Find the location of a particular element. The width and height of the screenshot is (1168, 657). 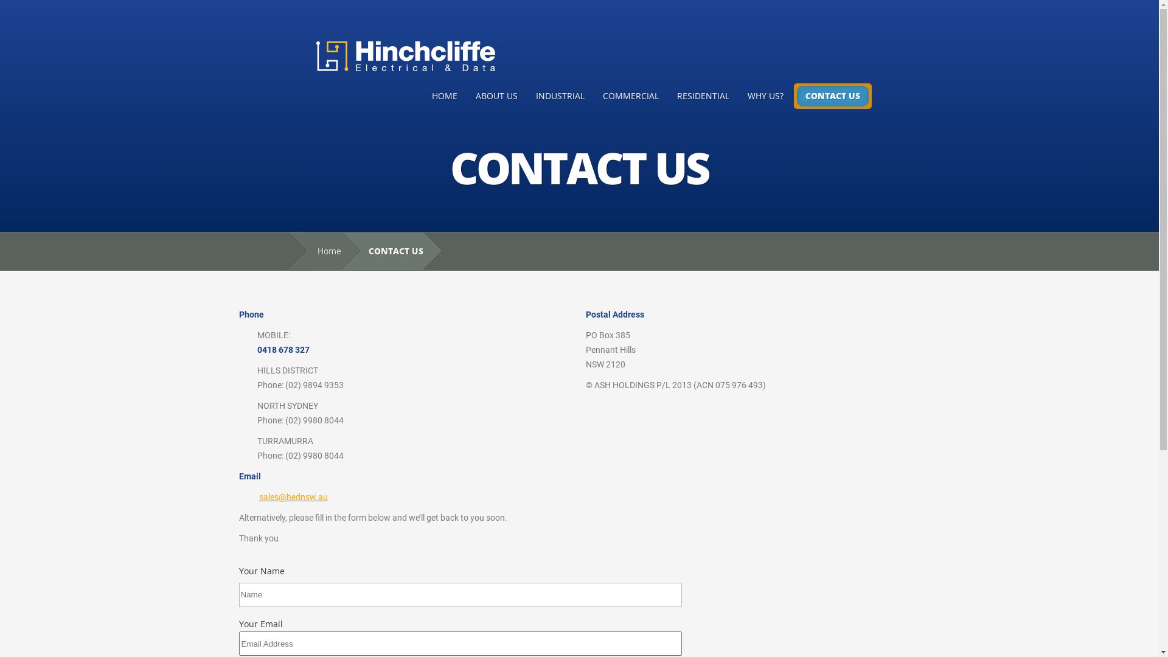

'ABOUT US' is located at coordinates (496, 96).